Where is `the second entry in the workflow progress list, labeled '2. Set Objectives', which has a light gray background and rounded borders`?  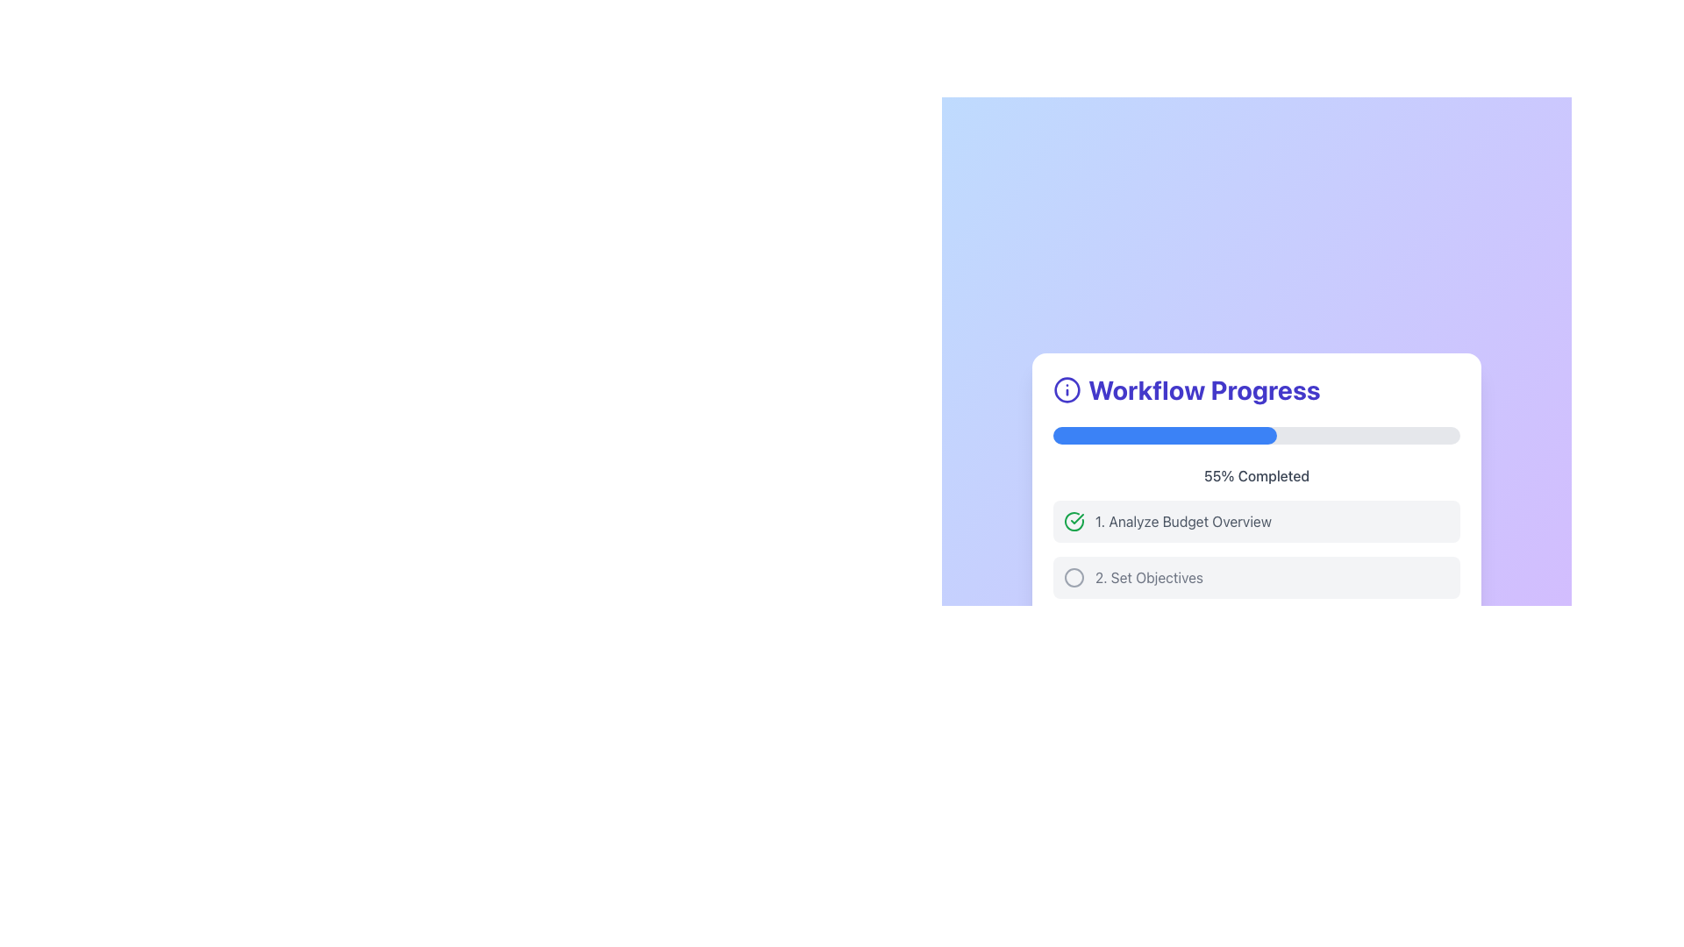 the second entry in the workflow progress list, labeled '2. Set Objectives', which has a light gray background and rounded borders is located at coordinates (1256, 578).